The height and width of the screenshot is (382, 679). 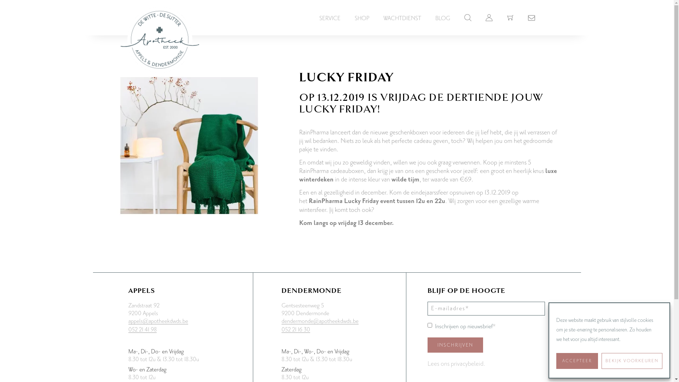 I want to click on 'CONTACT', so click(x=531, y=16).